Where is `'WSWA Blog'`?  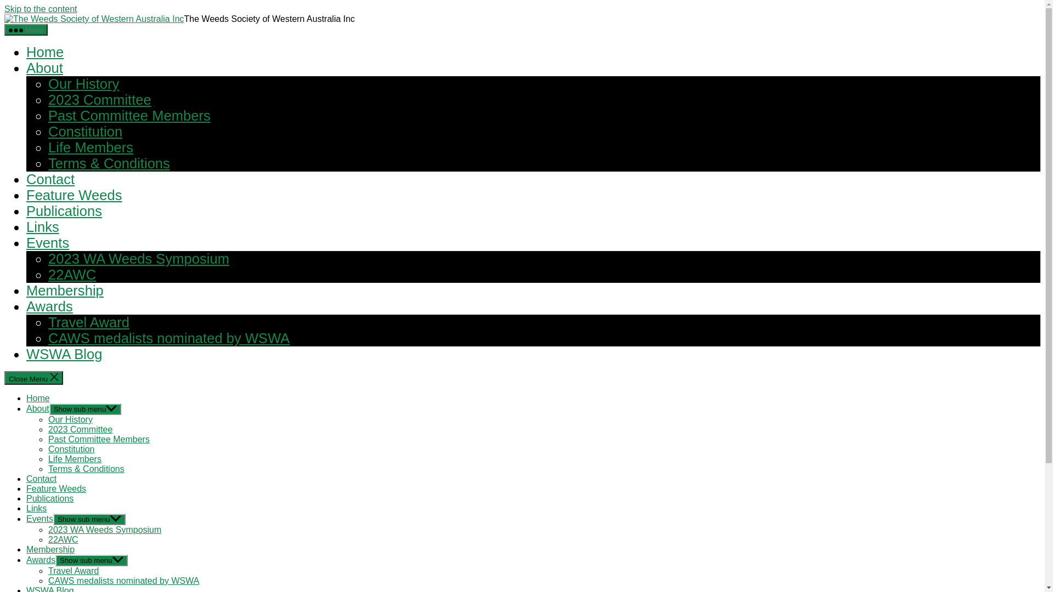
'WSWA Blog' is located at coordinates (63, 354).